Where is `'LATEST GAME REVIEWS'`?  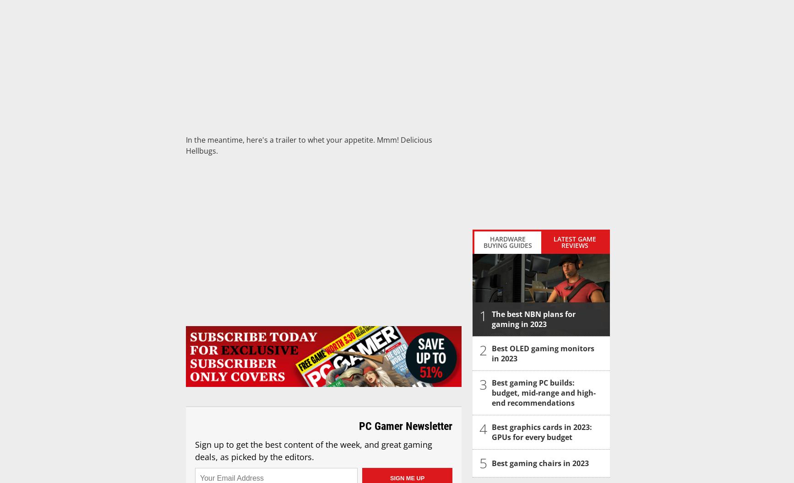 'LATEST GAME REVIEWS' is located at coordinates (574, 241).